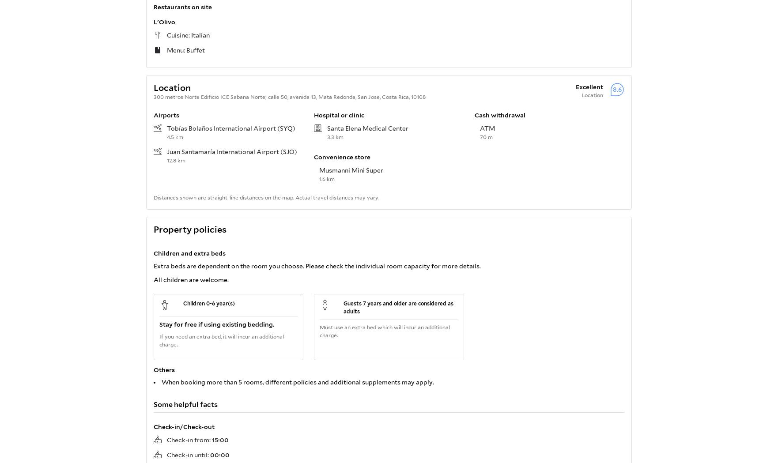 The width and height of the screenshot is (778, 463). Describe the element at coordinates (487, 128) in the screenshot. I see `'ATM'` at that location.